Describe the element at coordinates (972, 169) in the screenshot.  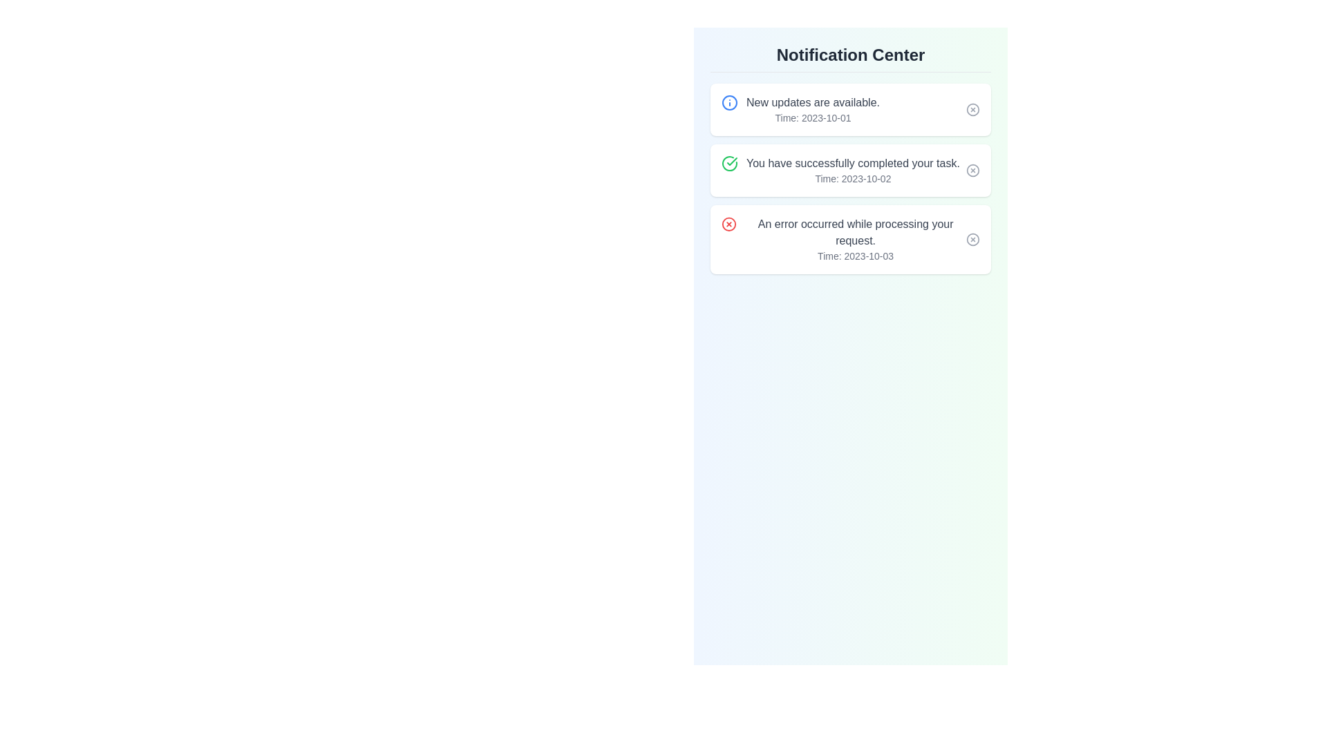
I see `the dismiss button icon on the second notification in the Notification Center` at that location.